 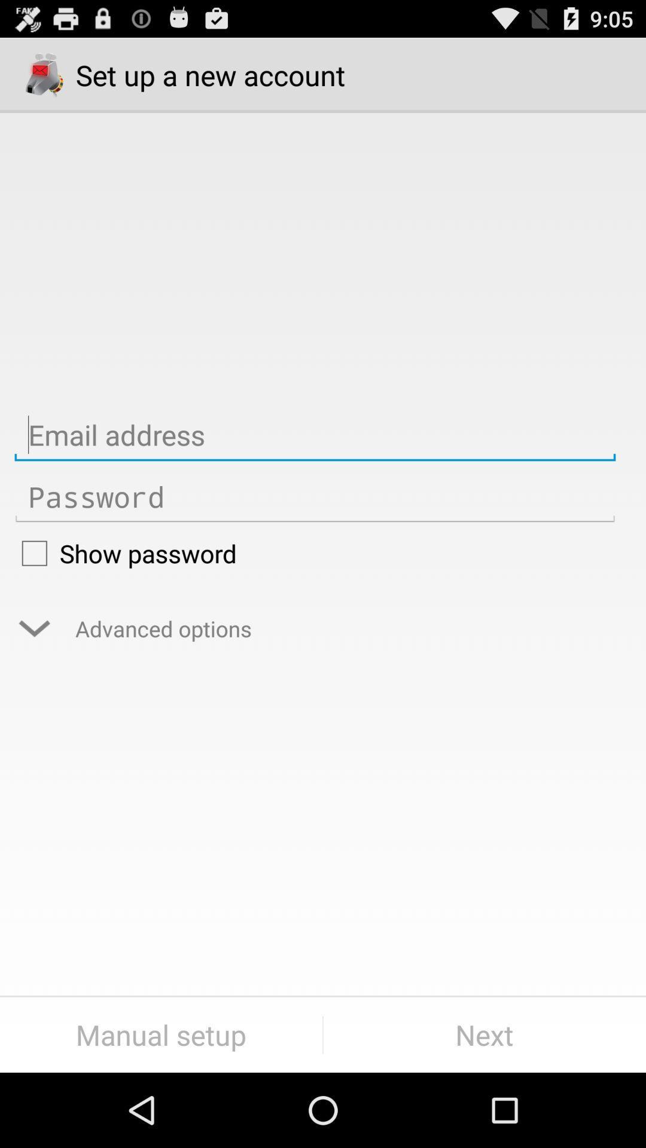 I want to click on this box was enter the password, so click(x=314, y=497).